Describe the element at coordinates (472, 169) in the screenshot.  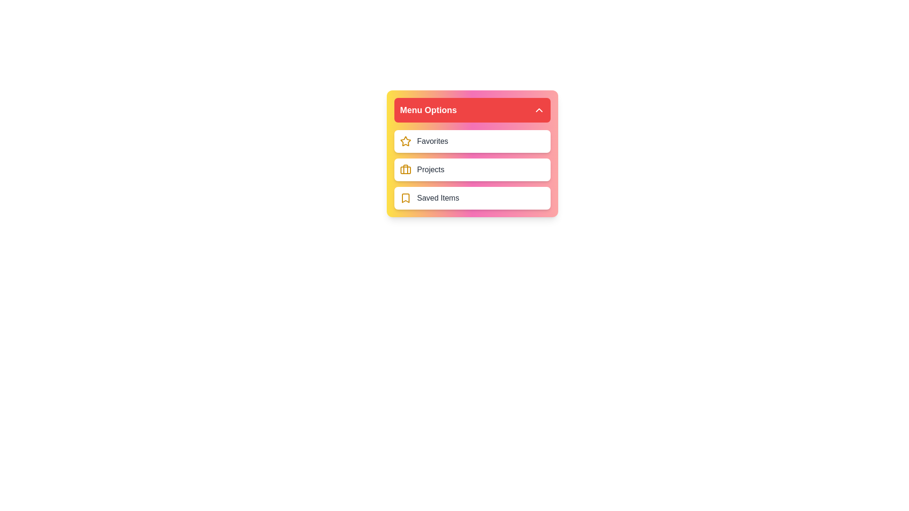
I see `the menu item labeled Projects to observe its hover effect` at that location.